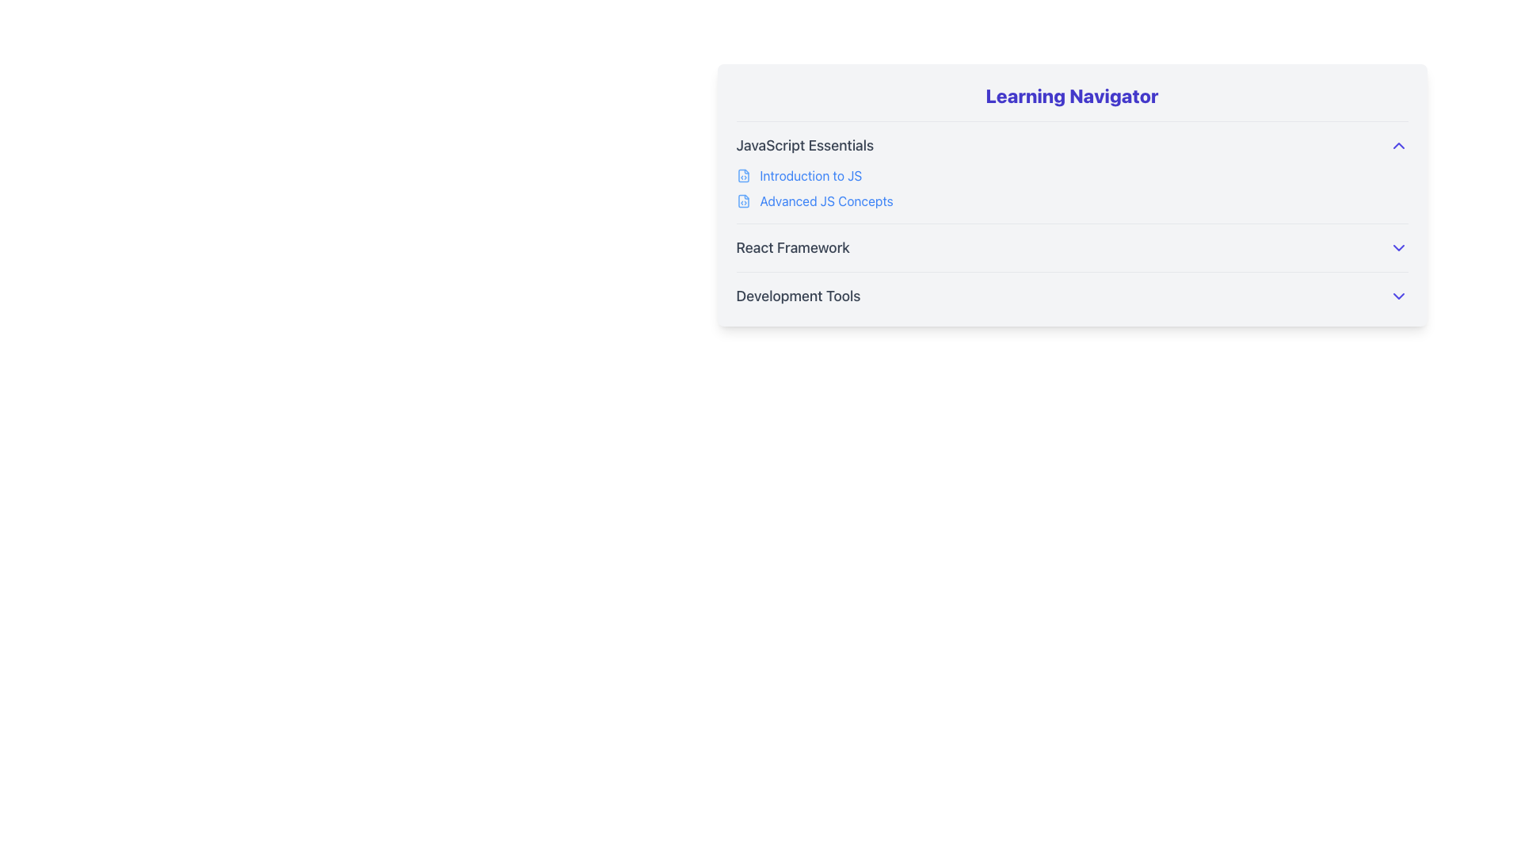 This screenshot has height=856, width=1521. Describe the element at coordinates (1072, 194) in the screenshot. I see `displayed information in the 'Learning Navigator' collapsible panel, which includes topics like 'JavaScript Essentials,' 'React Framework,' and 'Development Tools.'` at that location.